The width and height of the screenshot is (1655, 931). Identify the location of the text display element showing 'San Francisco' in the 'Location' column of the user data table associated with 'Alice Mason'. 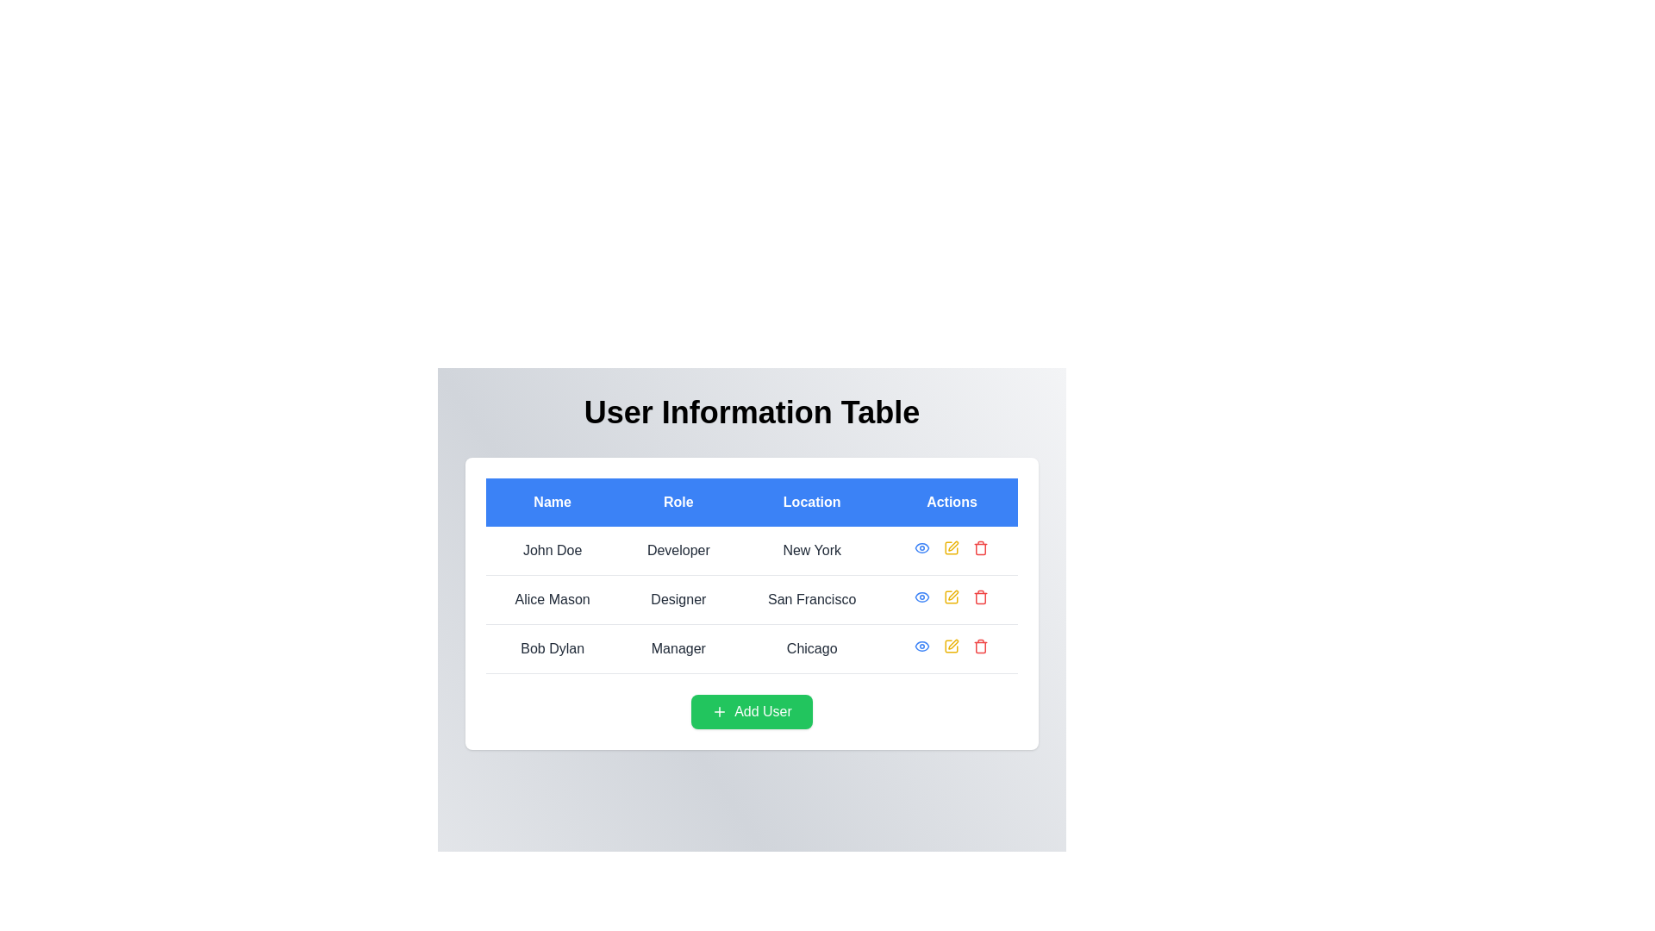
(811, 598).